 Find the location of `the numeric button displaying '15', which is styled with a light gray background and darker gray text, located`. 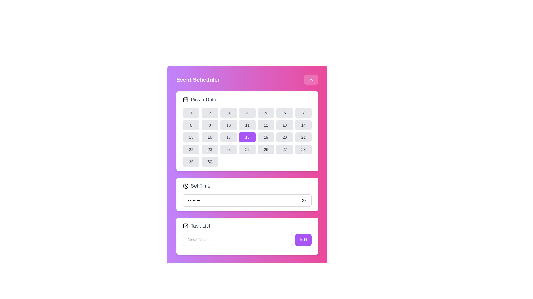

the numeric button displaying '15', which is styled with a light gray background and darker gray text, located is located at coordinates (191, 137).